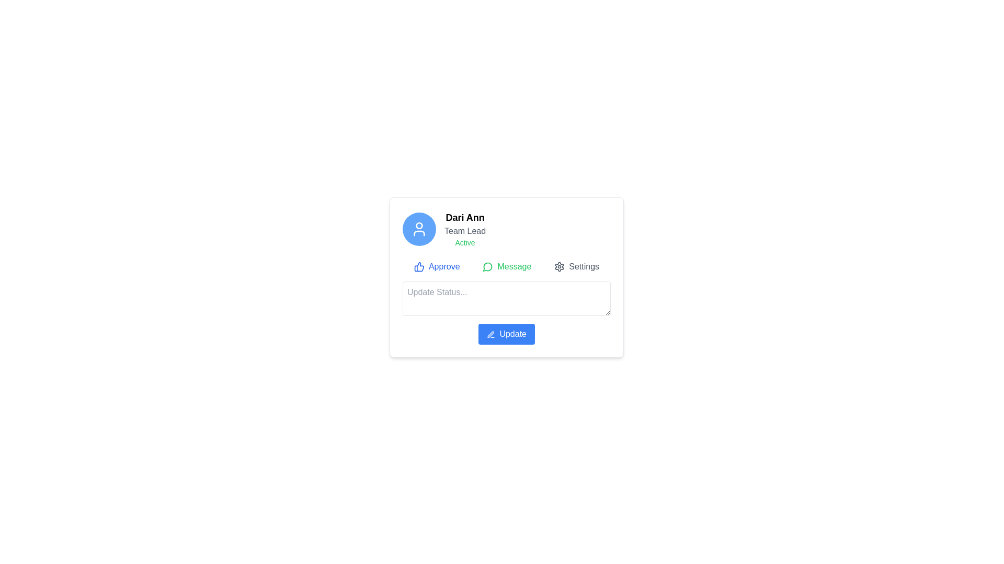 Image resolution: width=1004 pixels, height=564 pixels. What do you see at coordinates (419, 229) in the screenshot?
I see `the user icon element, which is a stylized human-shaped outline with a circular head and a half-circle torso, located at the top left corner of the user profile card` at bounding box center [419, 229].